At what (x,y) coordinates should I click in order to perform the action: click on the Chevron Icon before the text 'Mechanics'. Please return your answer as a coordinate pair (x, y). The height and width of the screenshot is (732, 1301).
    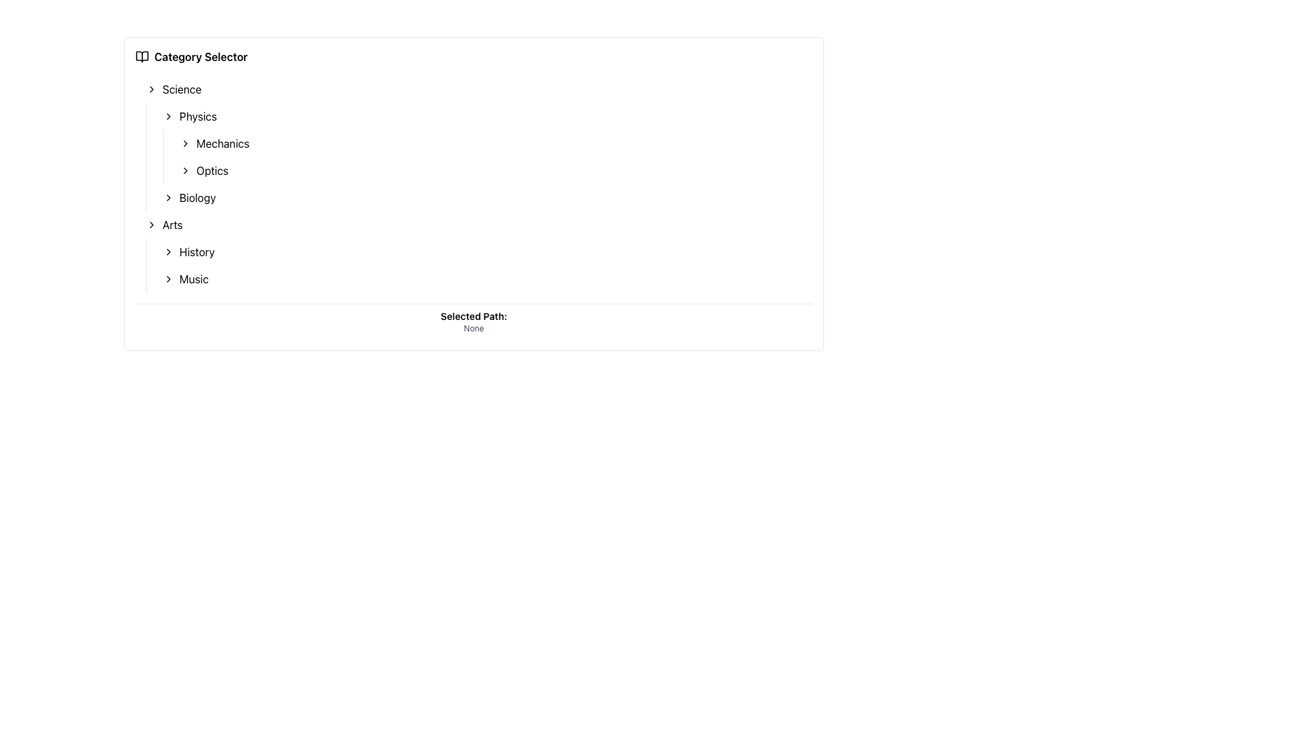
    Looking at the image, I should click on (184, 144).